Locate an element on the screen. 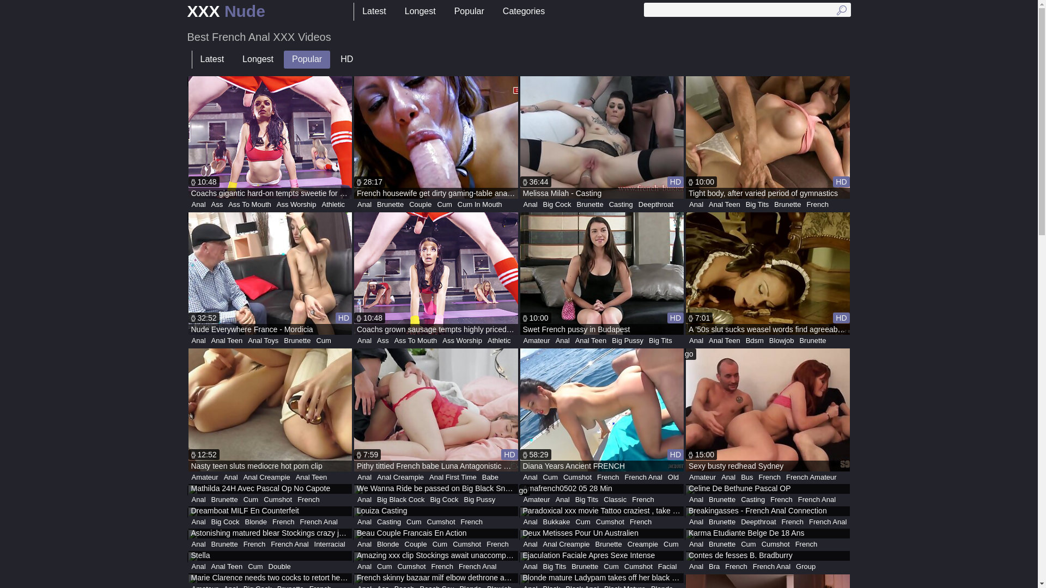 This screenshot has width=1046, height=588. 'Beau Couple Francais En Action is located at coordinates (436, 533).